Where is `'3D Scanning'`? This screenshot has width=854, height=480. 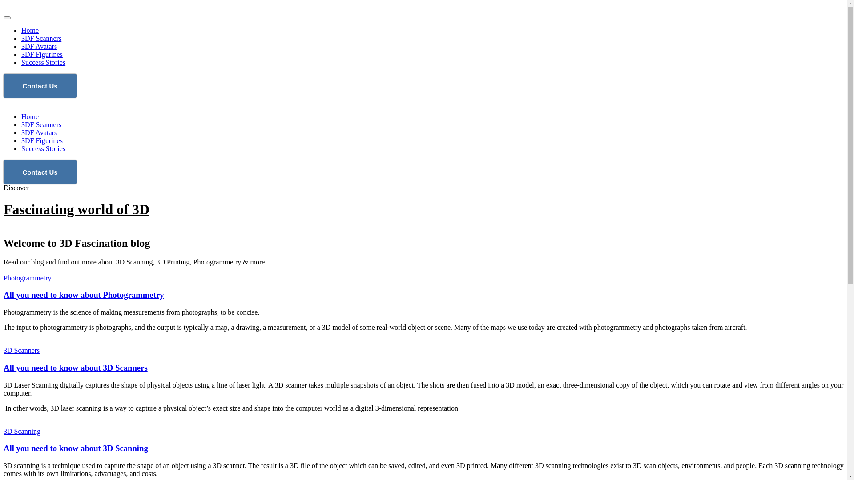 '3D Scanning' is located at coordinates (22, 431).